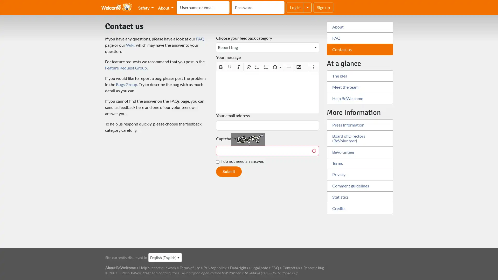 The width and height of the screenshot is (498, 280). What do you see at coordinates (288, 67) in the screenshot?
I see `Horizontal line` at bounding box center [288, 67].